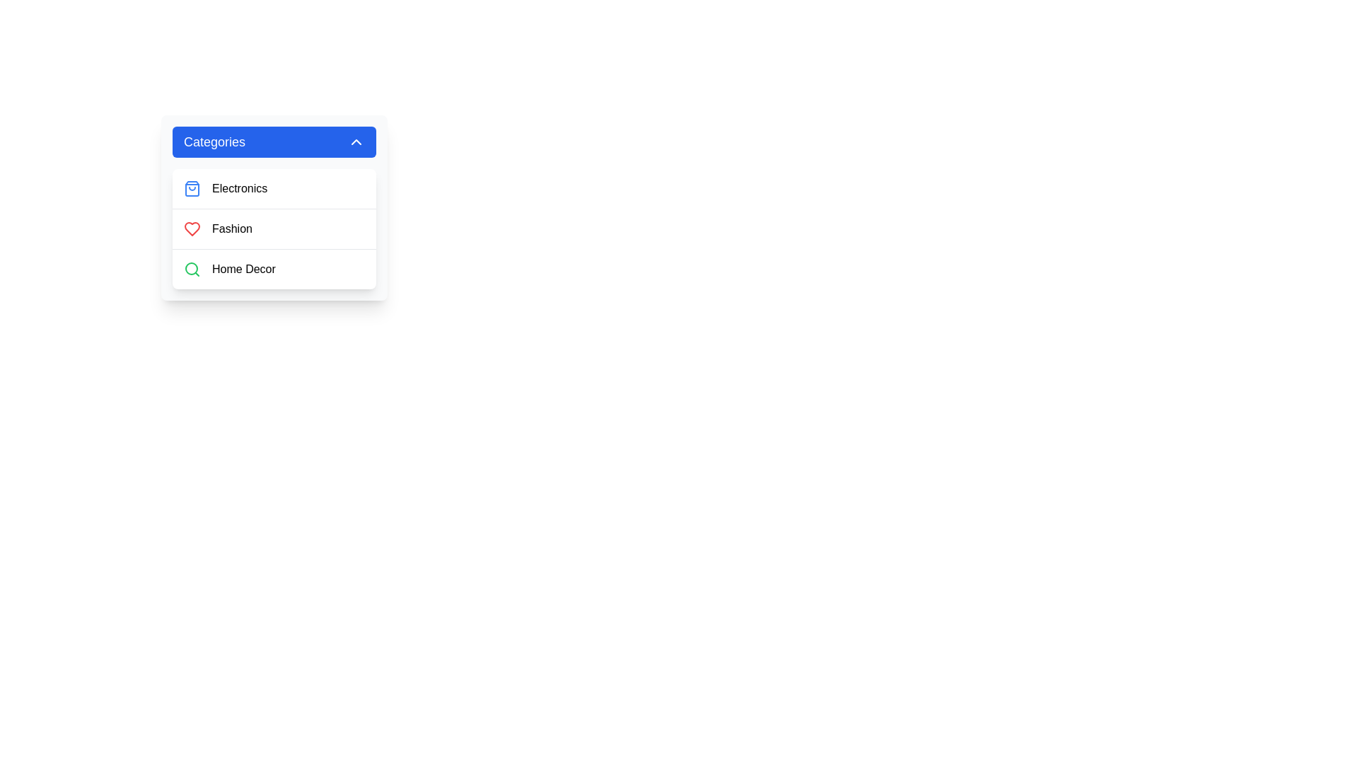  I want to click on the 'Electronics' label, which is styled with a medium weight font and is located under the 'Categories' header, so click(240, 187).